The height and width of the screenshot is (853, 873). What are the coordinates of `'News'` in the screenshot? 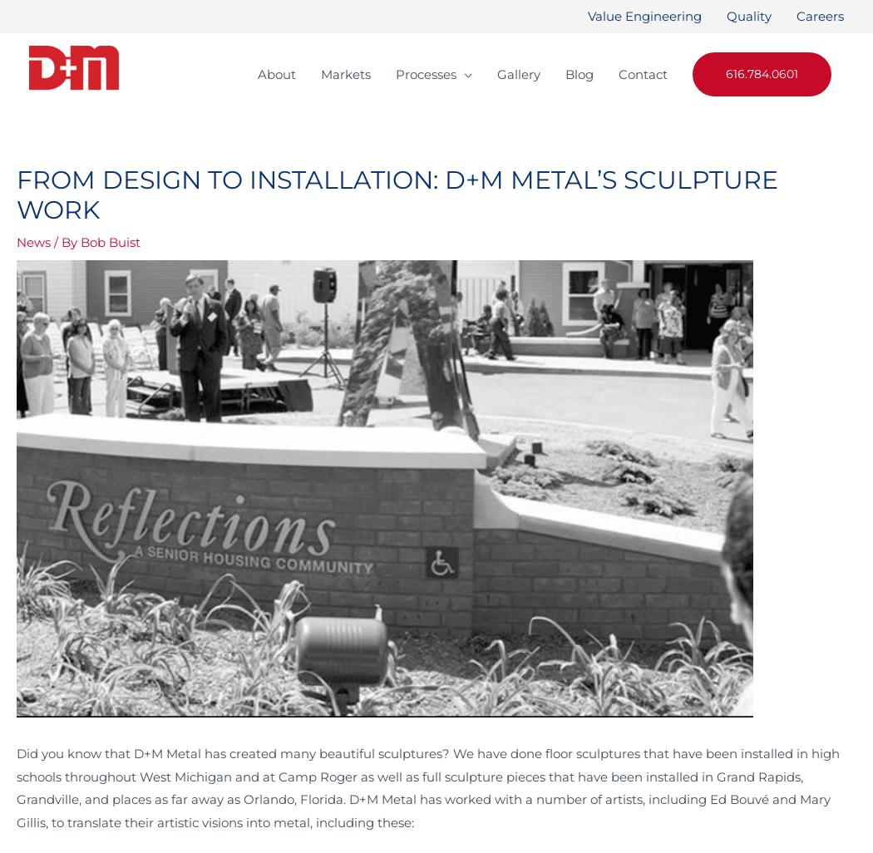 It's located at (32, 241).